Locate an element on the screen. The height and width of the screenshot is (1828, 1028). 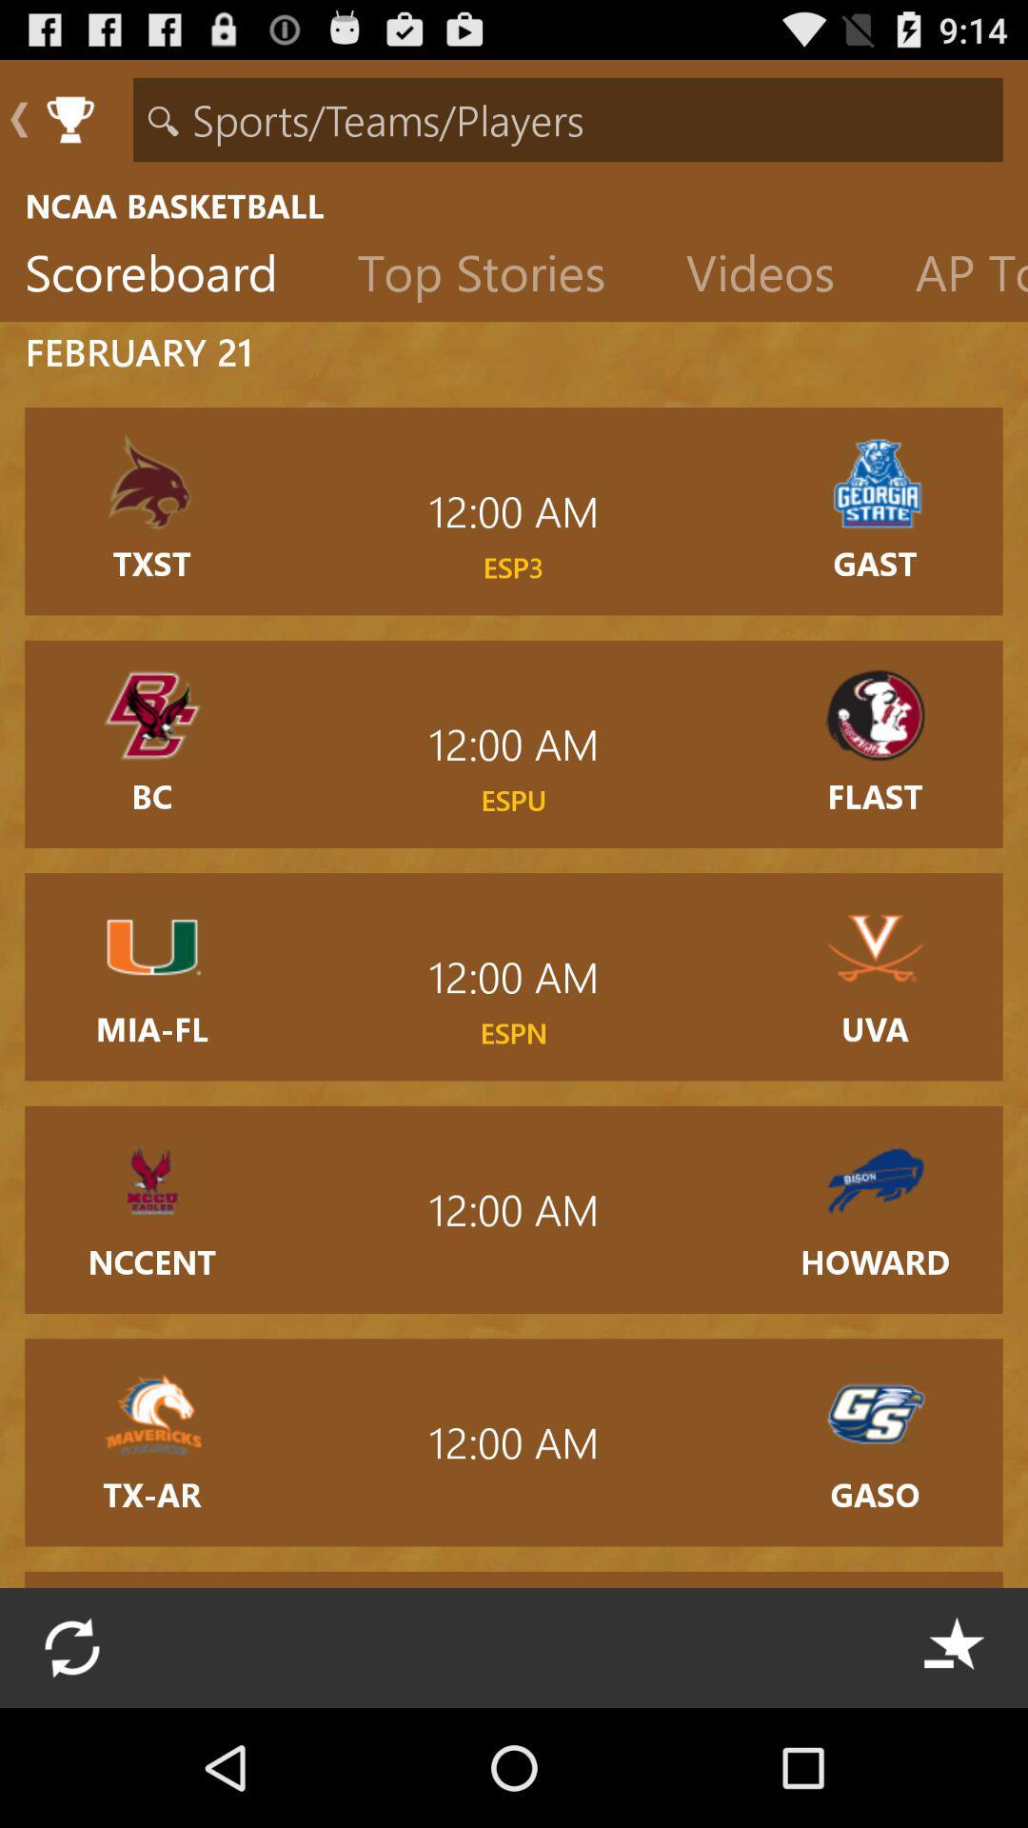
icon to the right of scoreboard item is located at coordinates (495, 276).